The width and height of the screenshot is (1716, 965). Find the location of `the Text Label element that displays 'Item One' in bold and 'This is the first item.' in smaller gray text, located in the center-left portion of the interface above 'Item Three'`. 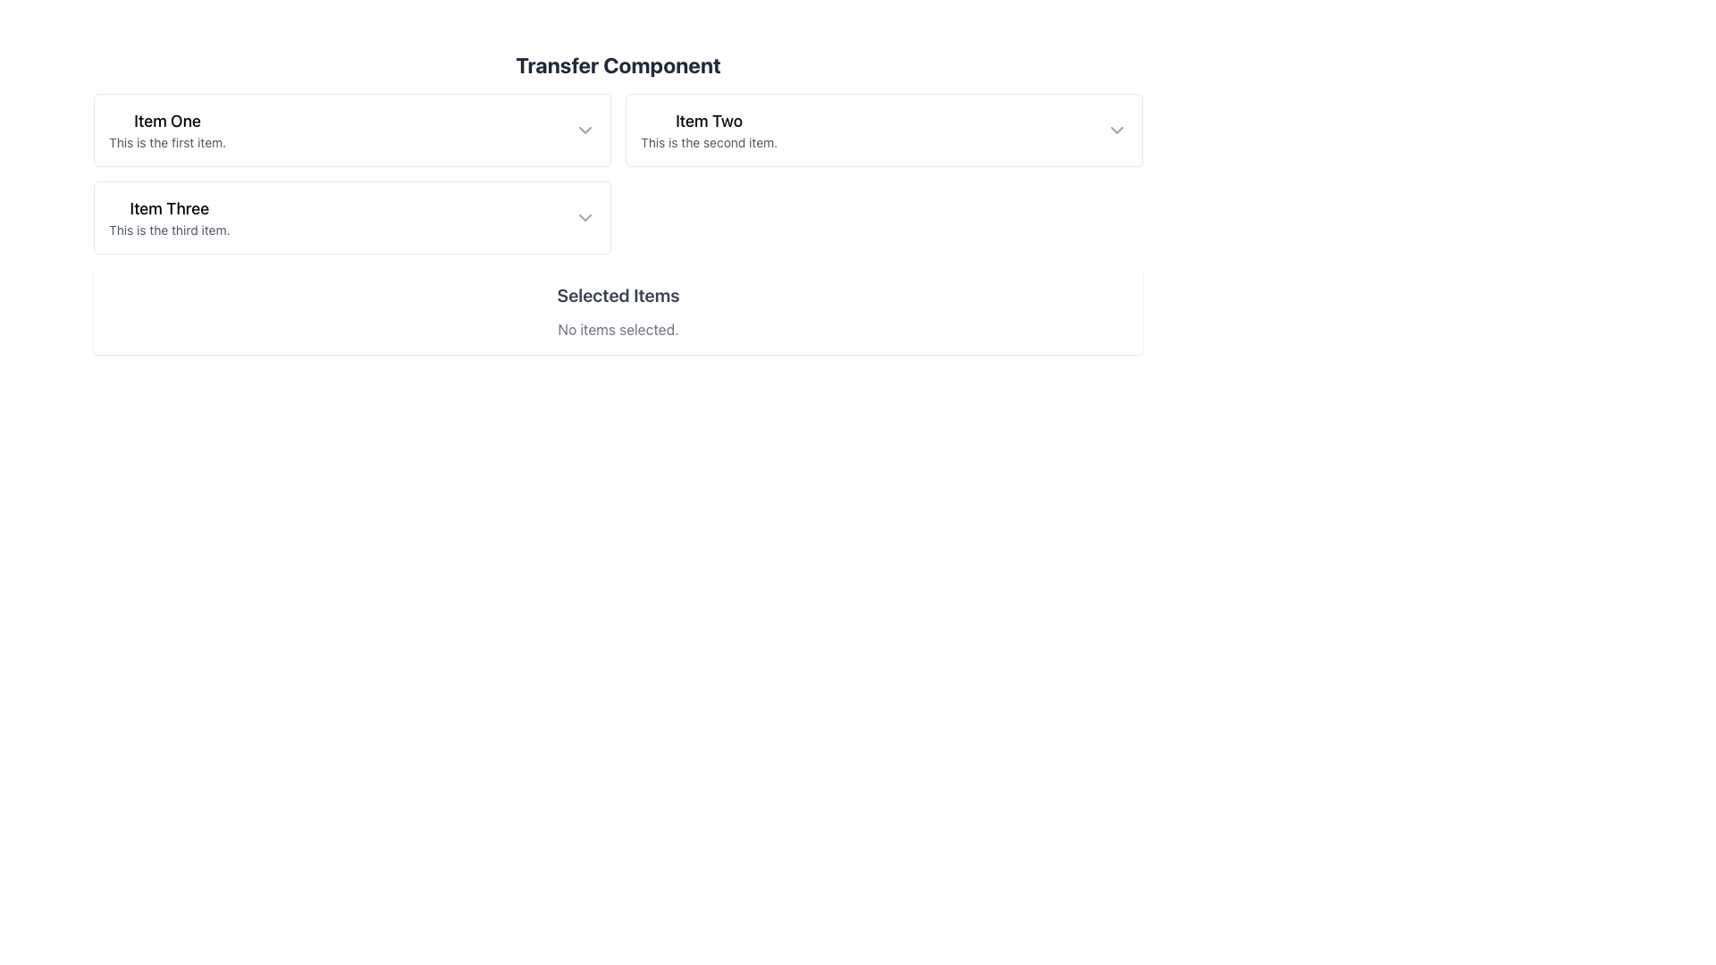

the Text Label element that displays 'Item One' in bold and 'This is the first item.' in smaller gray text, located in the center-left portion of the interface above 'Item Three' is located at coordinates (167, 130).